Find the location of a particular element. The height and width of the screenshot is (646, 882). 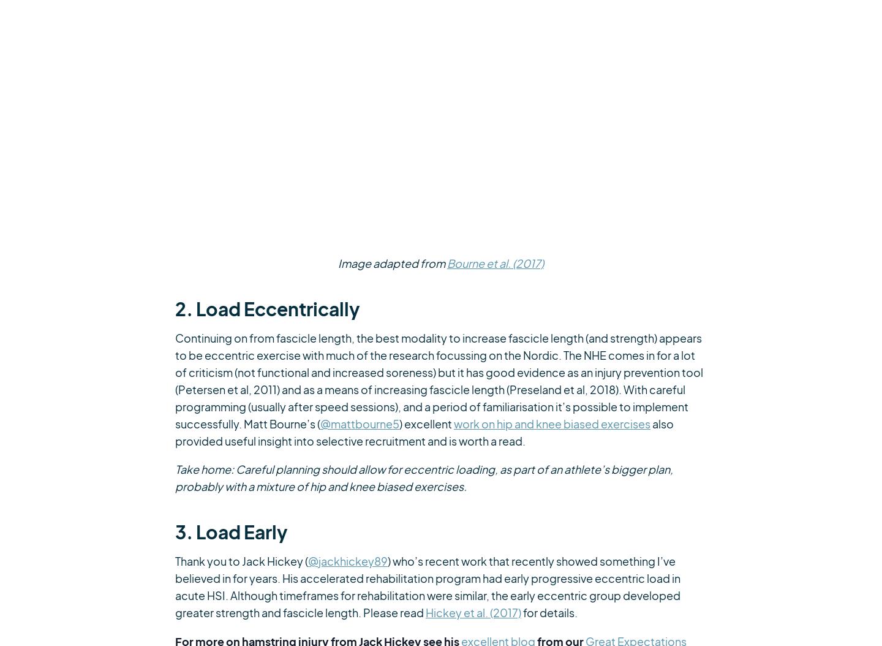

'Take home: Careful planning should allow for eccentric loading, as part of an athlete’s bigger plan, probably with a mixture of hip and knee biased exercises.' is located at coordinates (174, 477).